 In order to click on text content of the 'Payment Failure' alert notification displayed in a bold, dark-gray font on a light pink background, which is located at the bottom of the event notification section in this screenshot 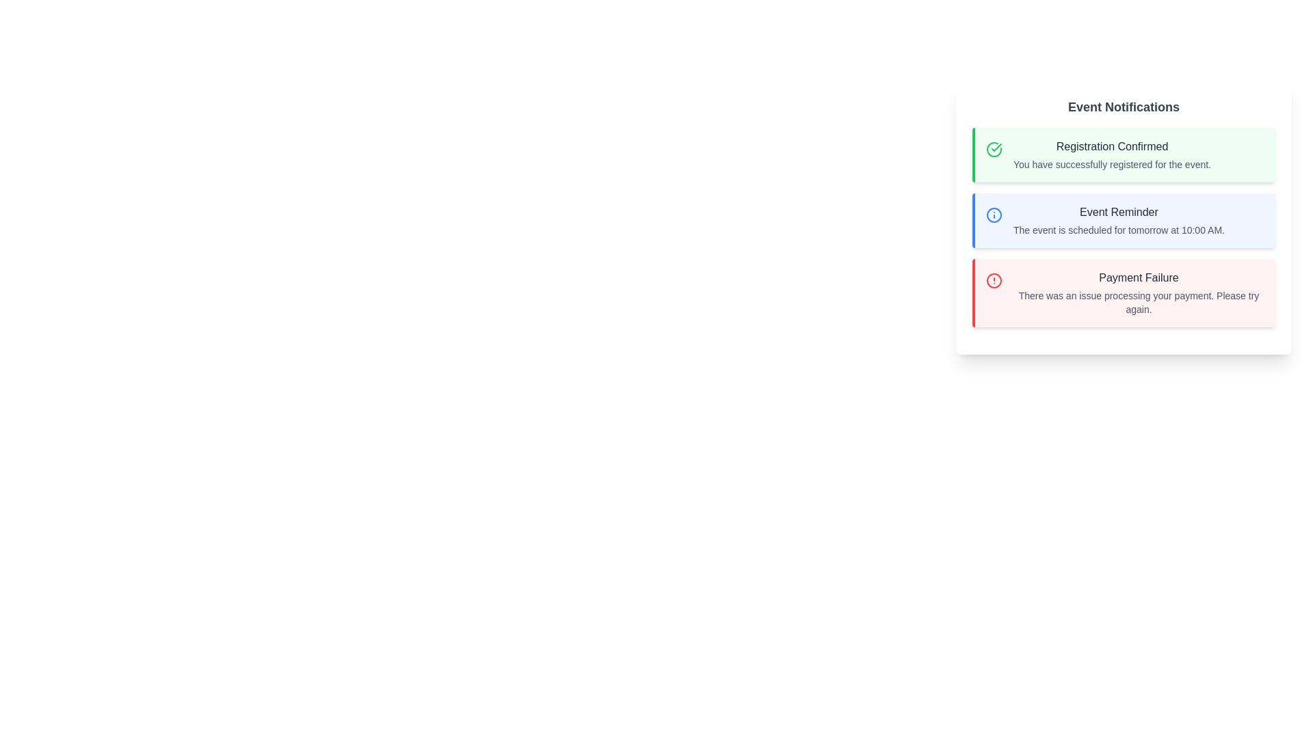, I will do `click(1139, 277)`.